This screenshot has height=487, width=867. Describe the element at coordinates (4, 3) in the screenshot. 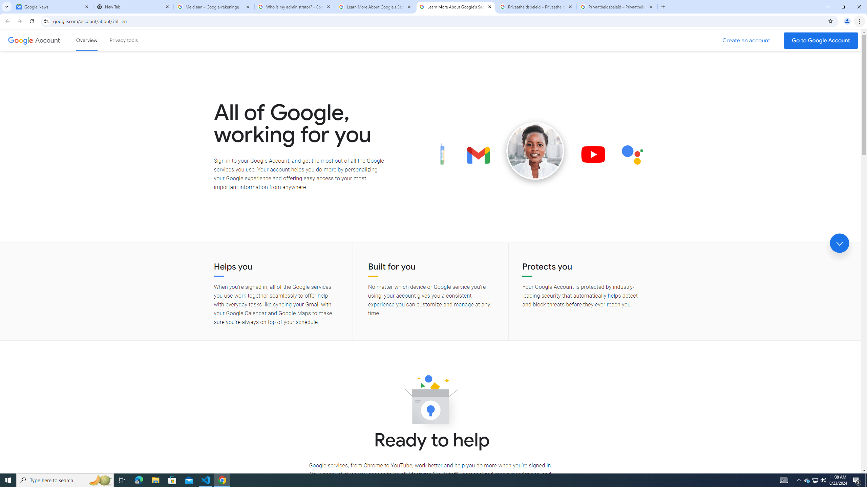

I see `'System'` at that location.